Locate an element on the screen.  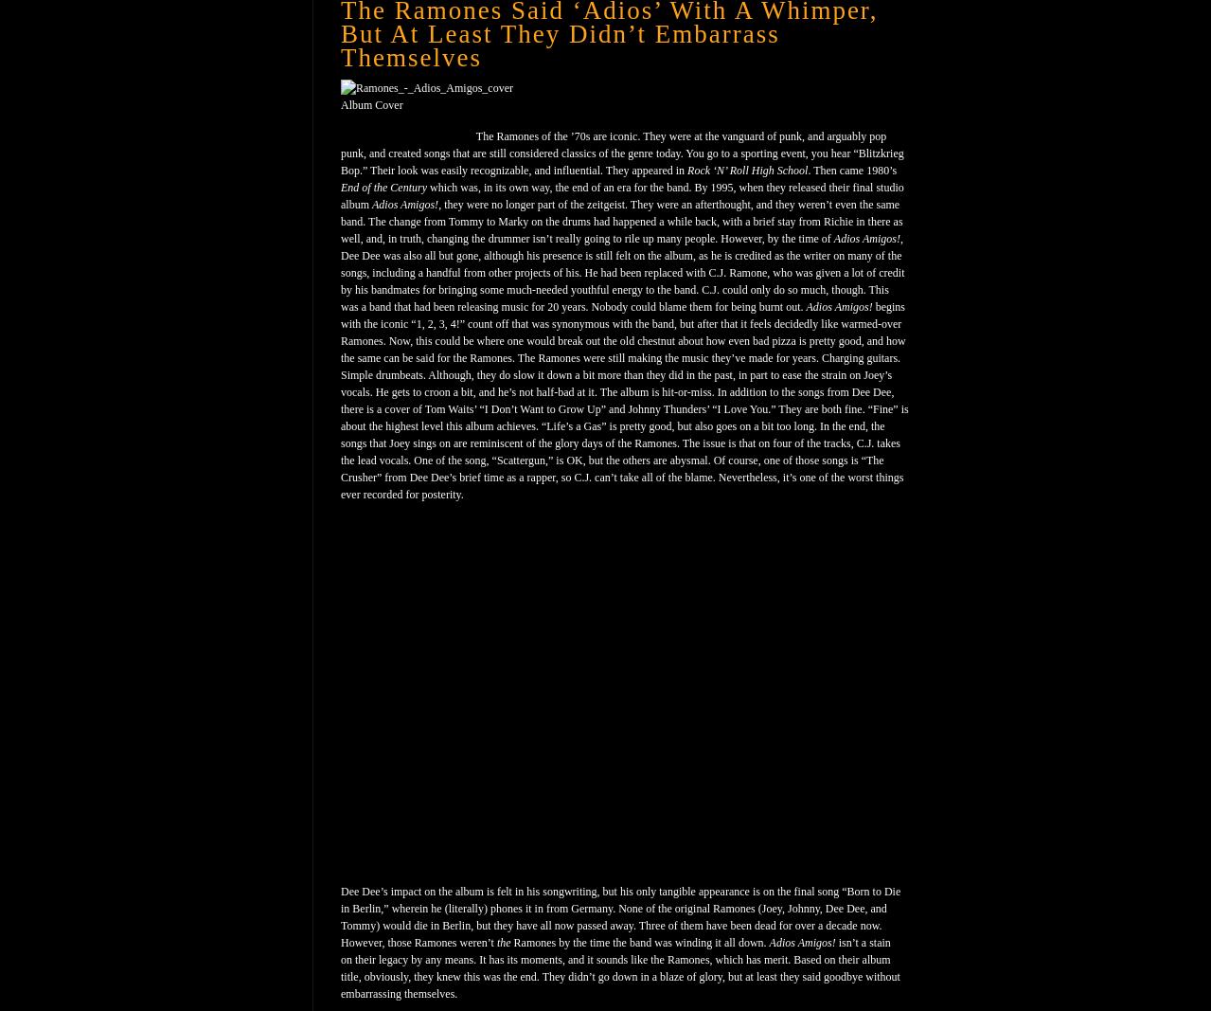
'The Ramones of the ’70s are iconic. They were at the vanguard of punk, and arguably pop punk, and created songs that are still considered classics of the genre today. You go to a sporting event, you hear “Blitzkrieg Bop.” Their look was easily recognizable, and influential. They appeared in' is located at coordinates (621, 152).